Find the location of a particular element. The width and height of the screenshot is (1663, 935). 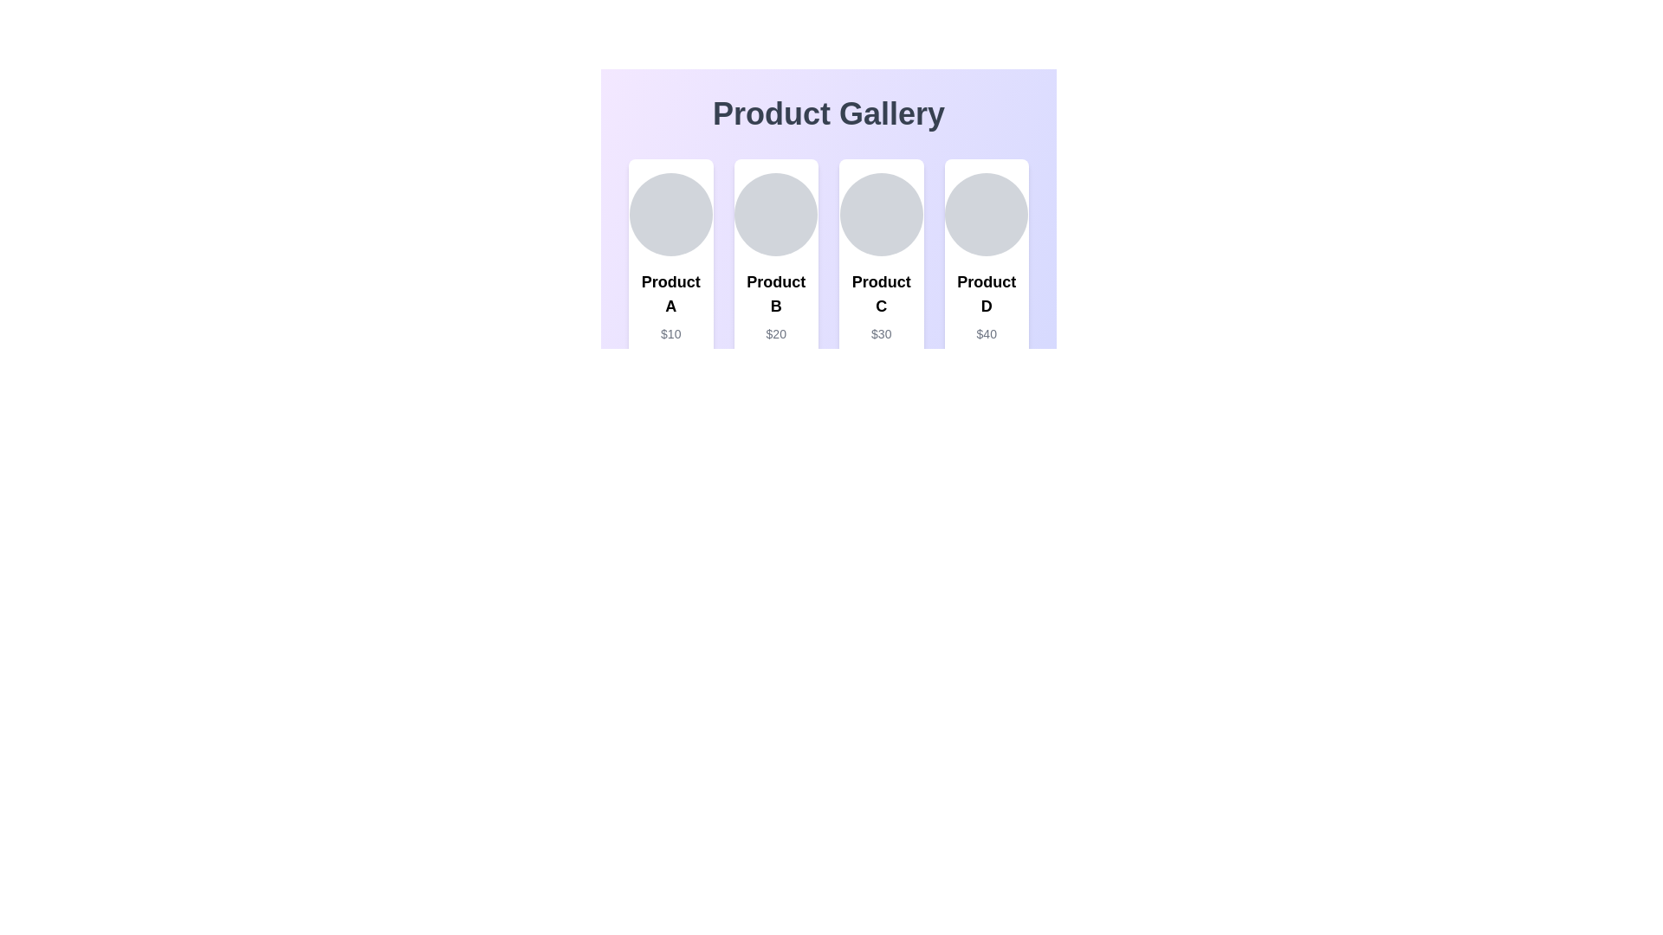

the second button in the horizontal group that functions as an 'Add to Cart' button is located at coordinates (775, 371).